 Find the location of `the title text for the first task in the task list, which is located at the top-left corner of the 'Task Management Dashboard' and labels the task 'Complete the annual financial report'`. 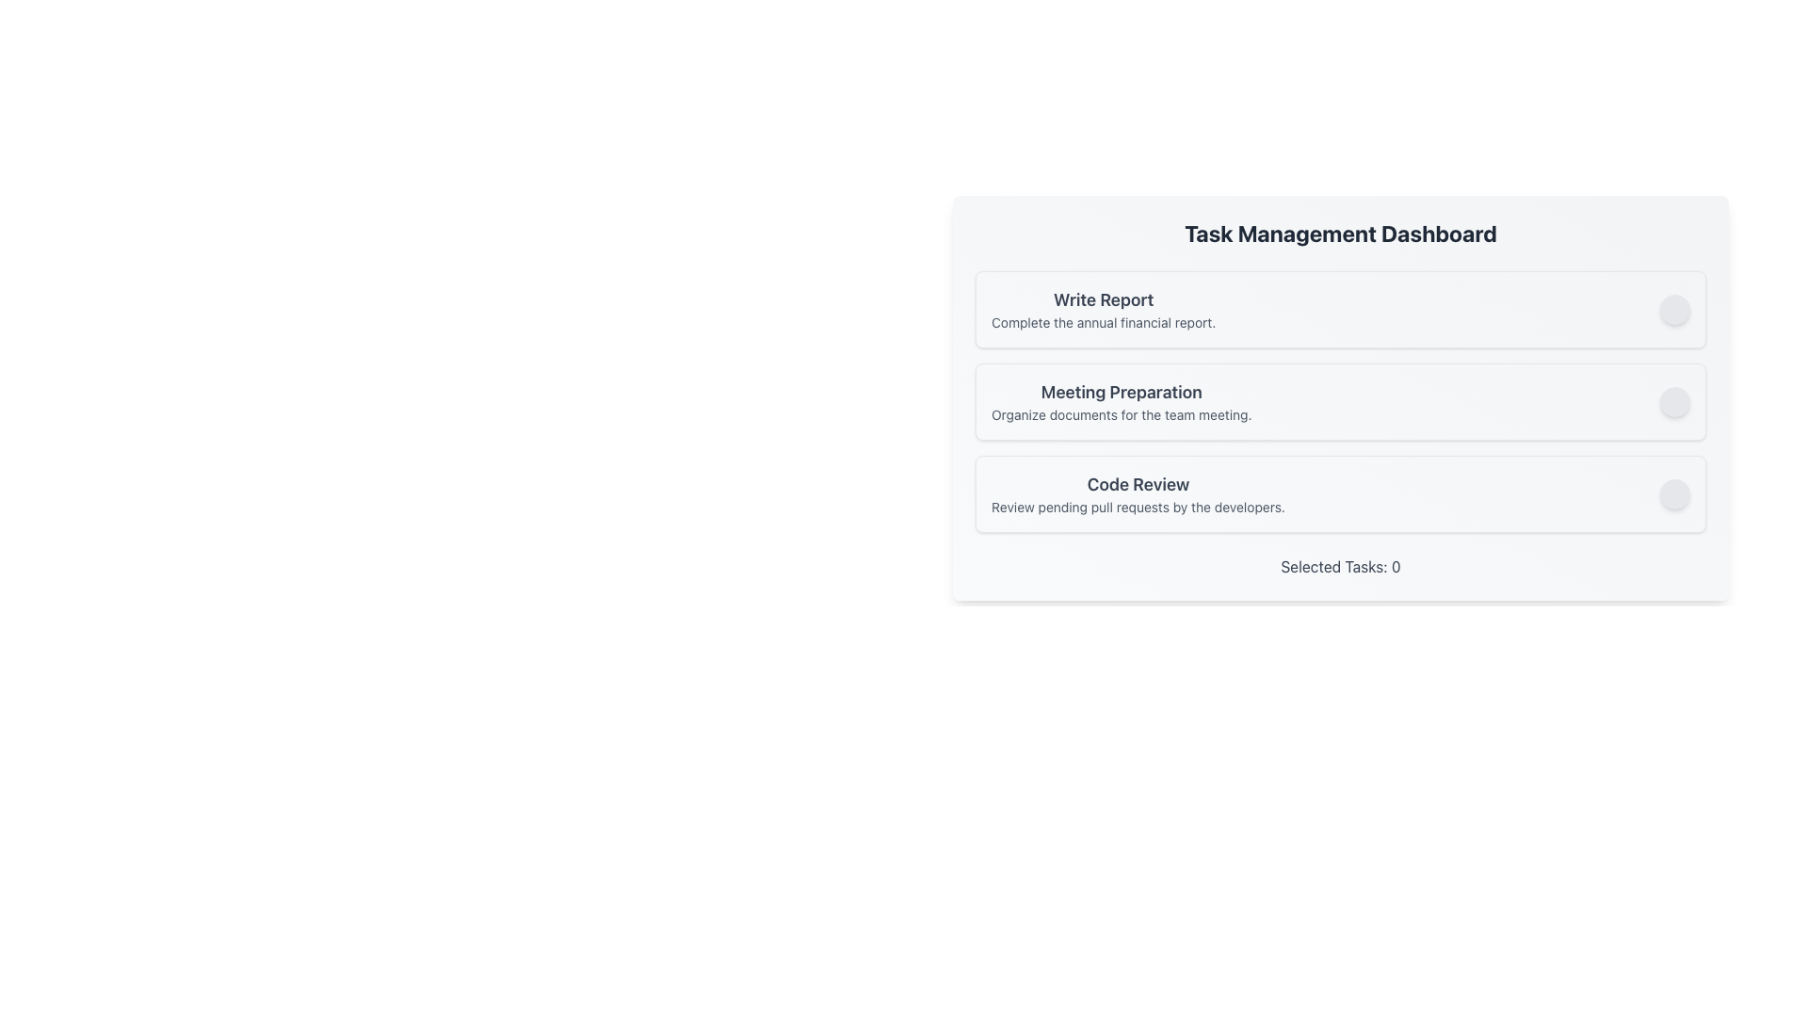

the title text for the first task in the task list, which is located at the top-left corner of the 'Task Management Dashboard' and labels the task 'Complete the annual financial report' is located at coordinates (1104, 299).